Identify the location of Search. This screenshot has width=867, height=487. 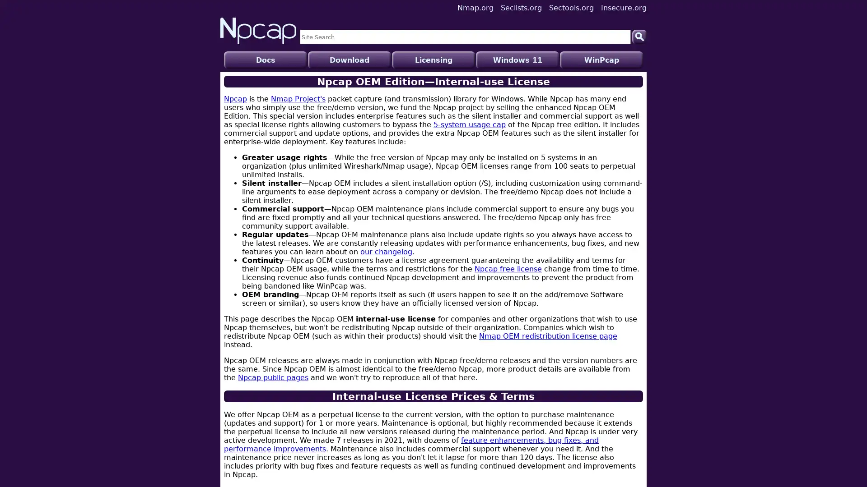
(639, 36).